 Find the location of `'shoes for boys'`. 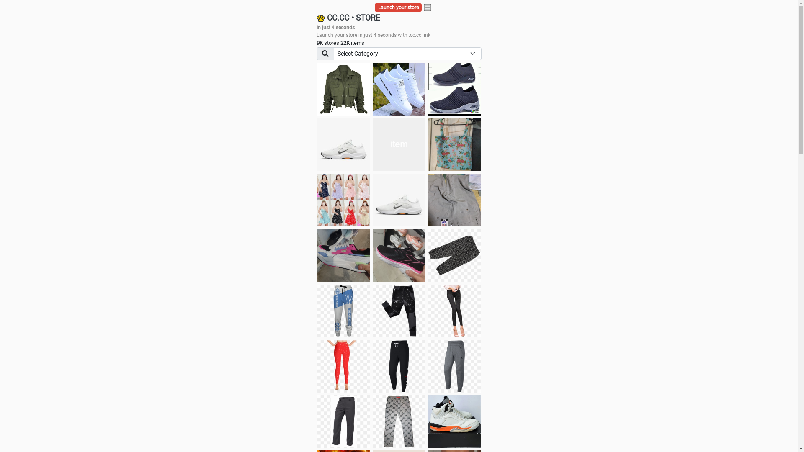

'shoes for boys' is located at coordinates (454, 89).